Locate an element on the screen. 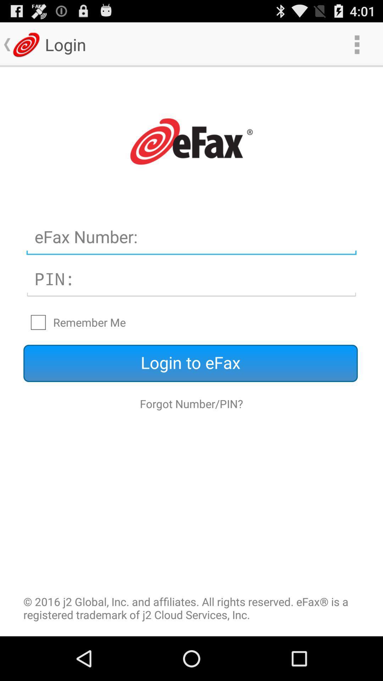  the icon left to the login which is at top of the page is located at coordinates (26, 44).